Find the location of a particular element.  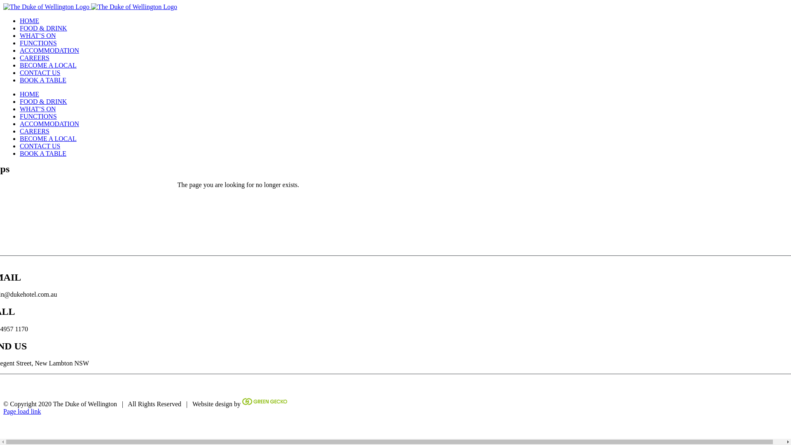

'CONTACT US' is located at coordinates (39, 145).